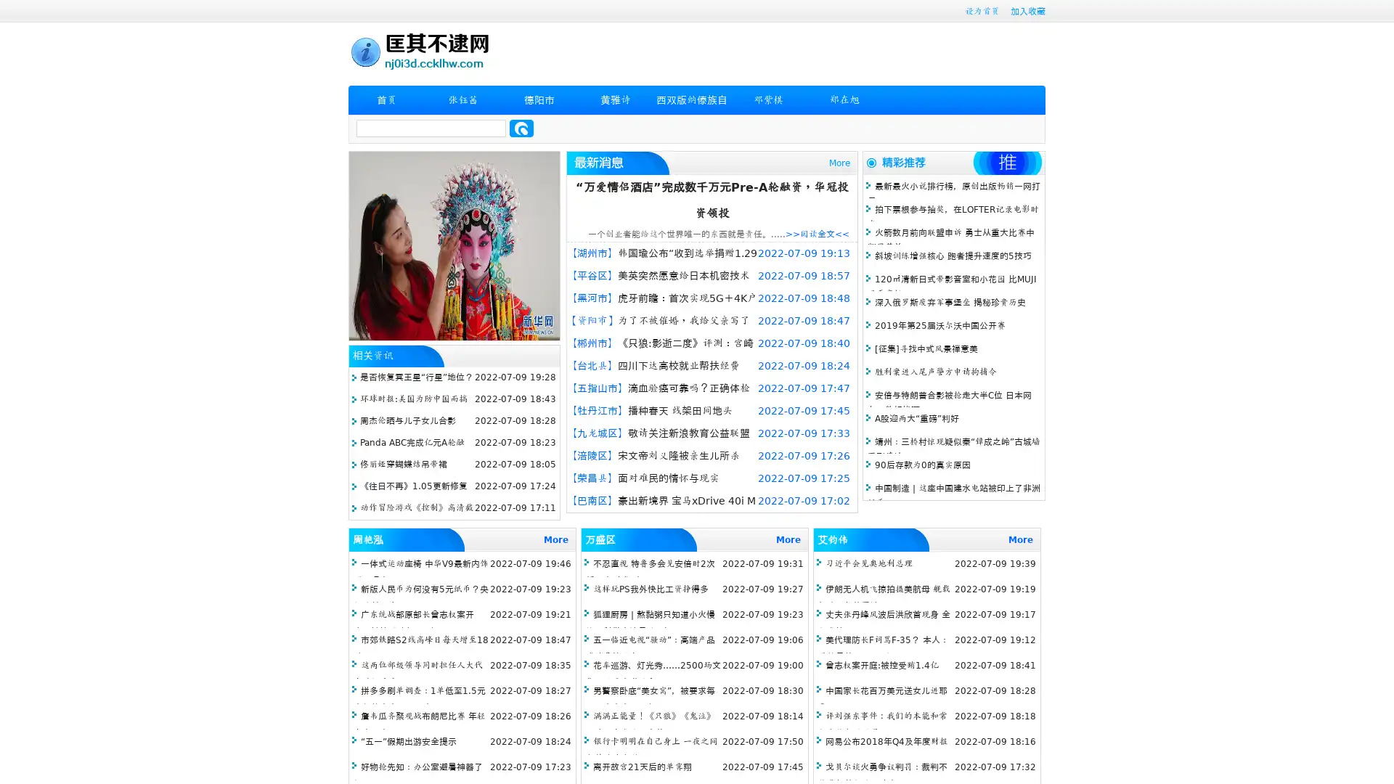 This screenshot has width=1394, height=784. What do you see at coordinates (521, 128) in the screenshot?
I see `Search` at bounding box center [521, 128].